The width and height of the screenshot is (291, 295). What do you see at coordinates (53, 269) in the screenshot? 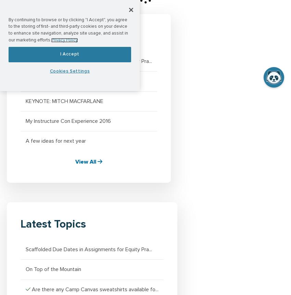
I see `'On Top of the Mountain'` at bounding box center [53, 269].